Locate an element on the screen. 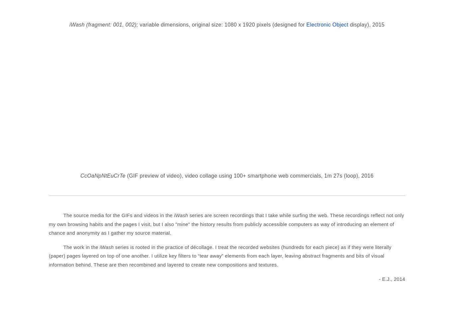 Image resolution: width=454 pixels, height=323 pixels. 'CcOaNpNtEuCrTe' is located at coordinates (102, 175).